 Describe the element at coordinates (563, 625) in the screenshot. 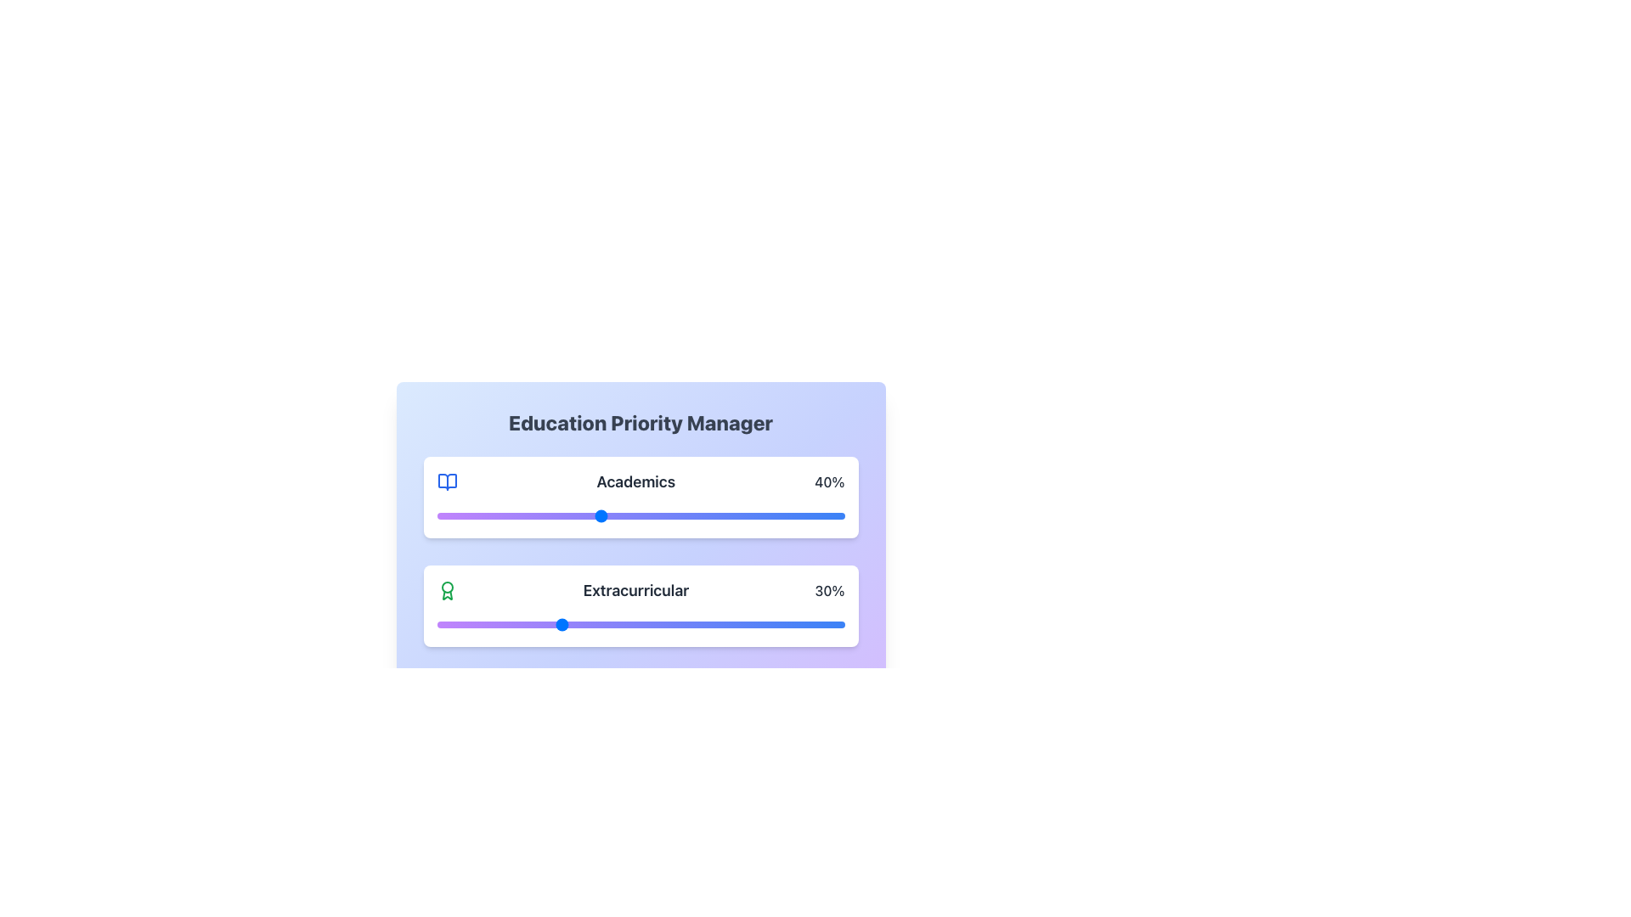

I see `the slider` at that location.